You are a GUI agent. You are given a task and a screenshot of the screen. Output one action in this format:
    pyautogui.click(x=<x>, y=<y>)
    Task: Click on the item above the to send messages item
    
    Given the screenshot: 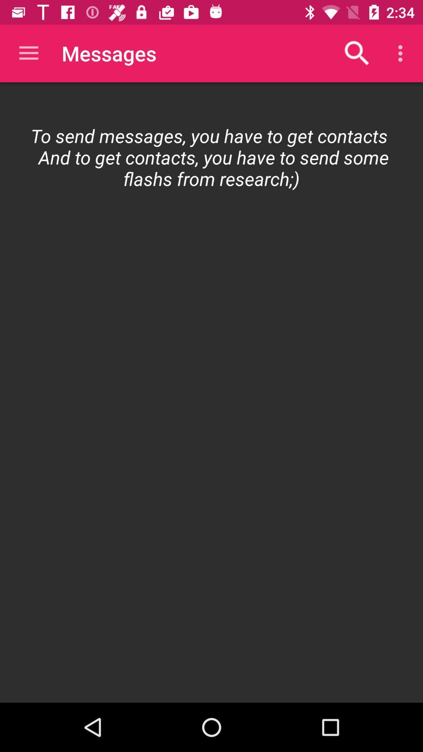 What is the action you would take?
    pyautogui.click(x=402, y=53)
    